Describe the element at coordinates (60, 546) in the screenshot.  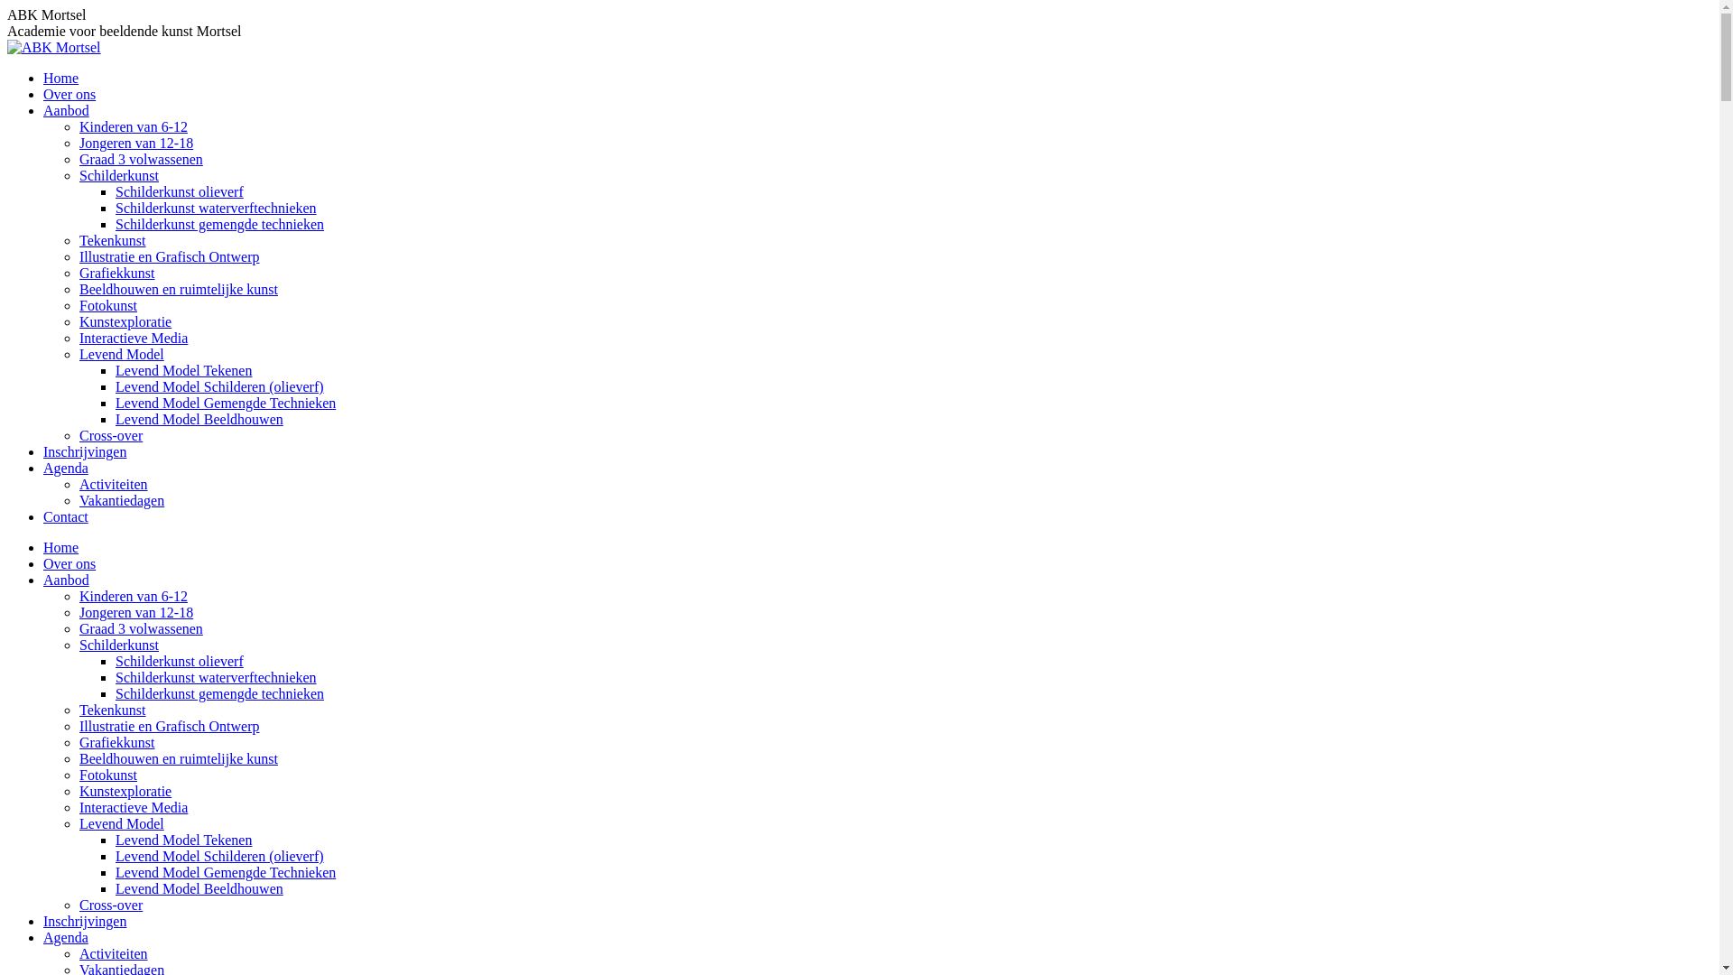
I see `'Home'` at that location.